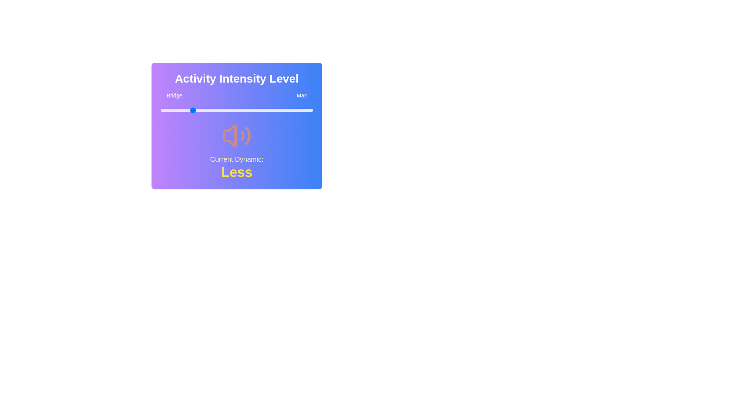 This screenshot has width=731, height=411. Describe the element at coordinates (206, 110) in the screenshot. I see `the slider to set the value to 30` at that location.